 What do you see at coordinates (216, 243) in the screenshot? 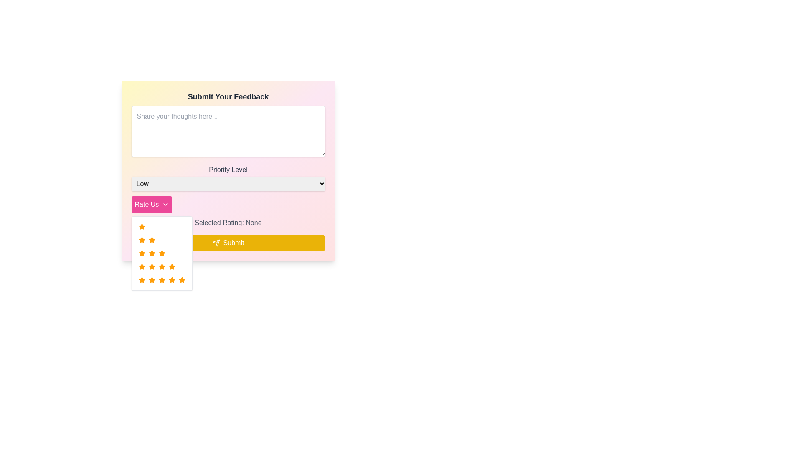
I see `the 'submit' icon on the yellow button labeled 'Submit' located in the lower section of the feedback form interface` at bounding box center [216, 243].